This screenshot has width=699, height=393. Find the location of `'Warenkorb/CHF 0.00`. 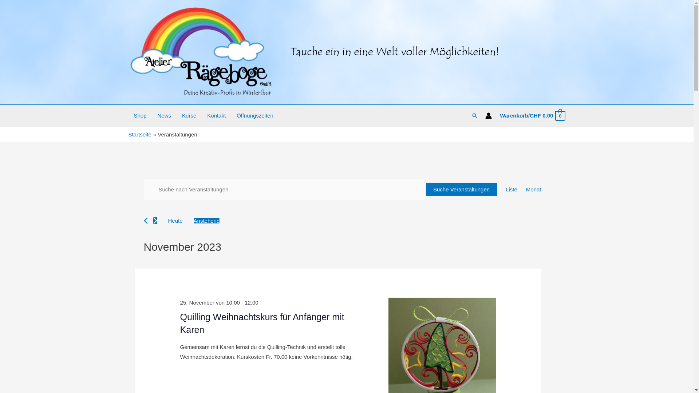

'Warenkorb/CHF 0.00 is located at coordinates (532, 115).